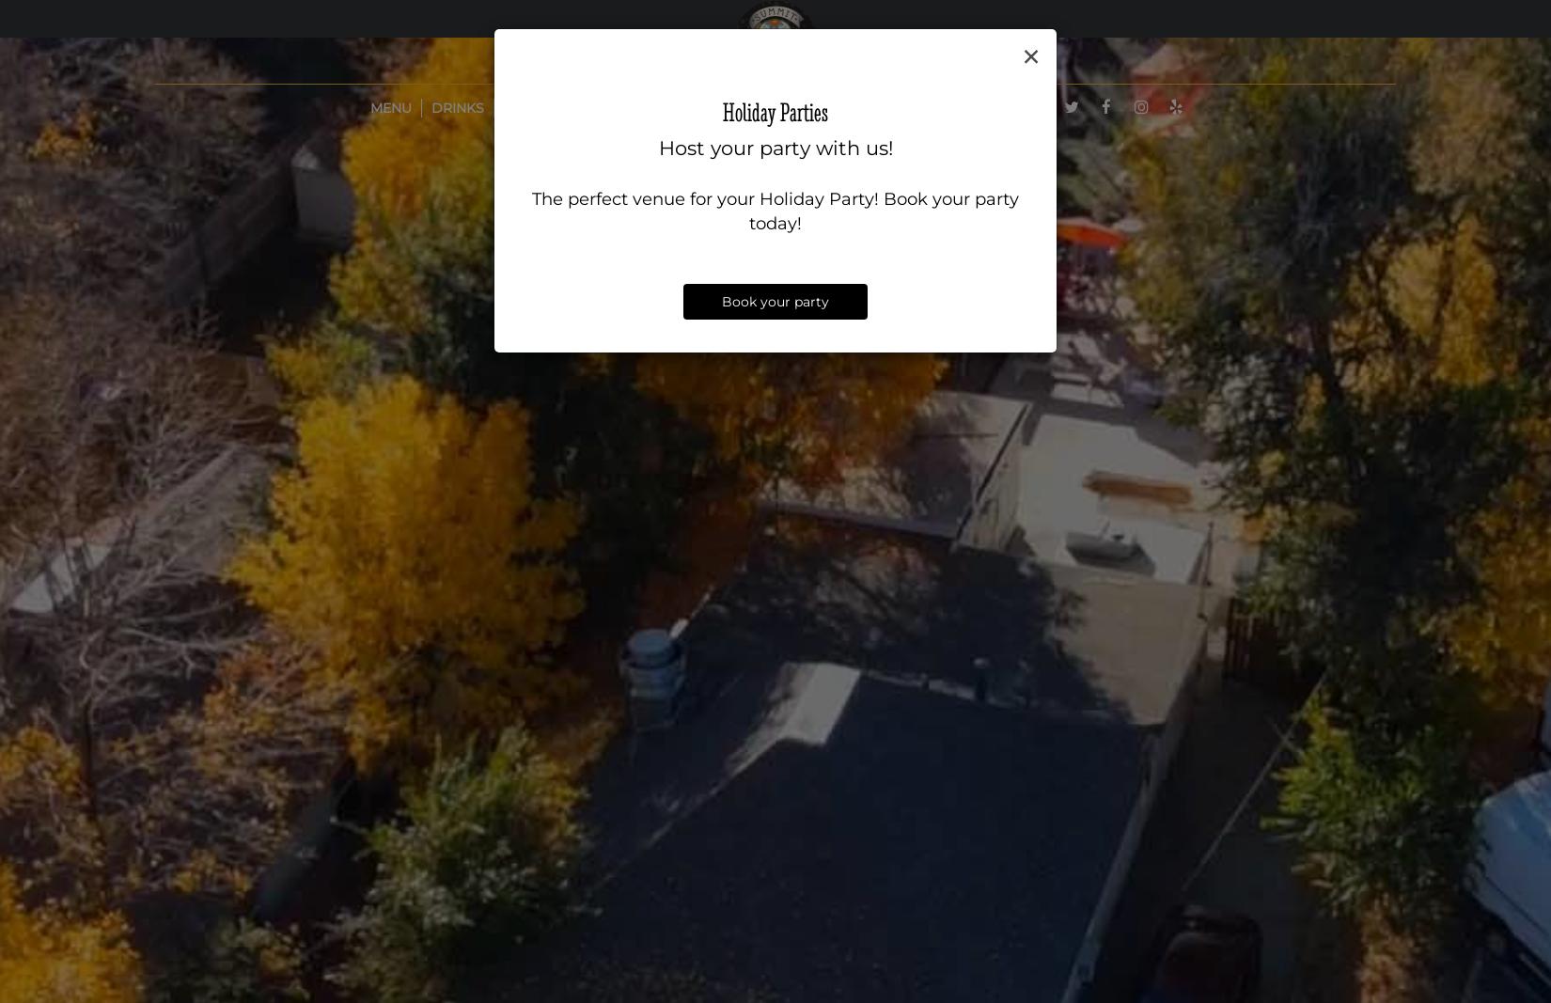 The image size is (1551, 1003). I want to click on 'Book your party', so click(775, 301).